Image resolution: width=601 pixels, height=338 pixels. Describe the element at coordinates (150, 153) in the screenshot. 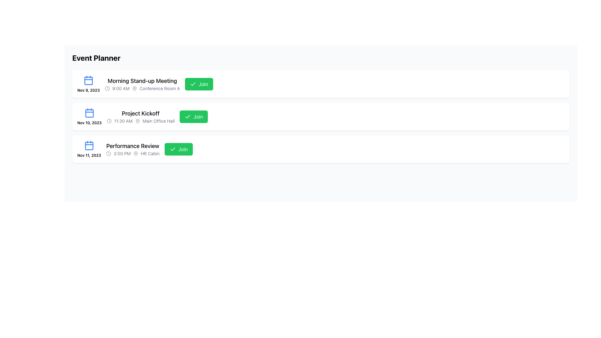

I see `text label that specifies the location for the 'Performance Review' event, which indicates it will occur in the 'HR Cabin' room` at that location.